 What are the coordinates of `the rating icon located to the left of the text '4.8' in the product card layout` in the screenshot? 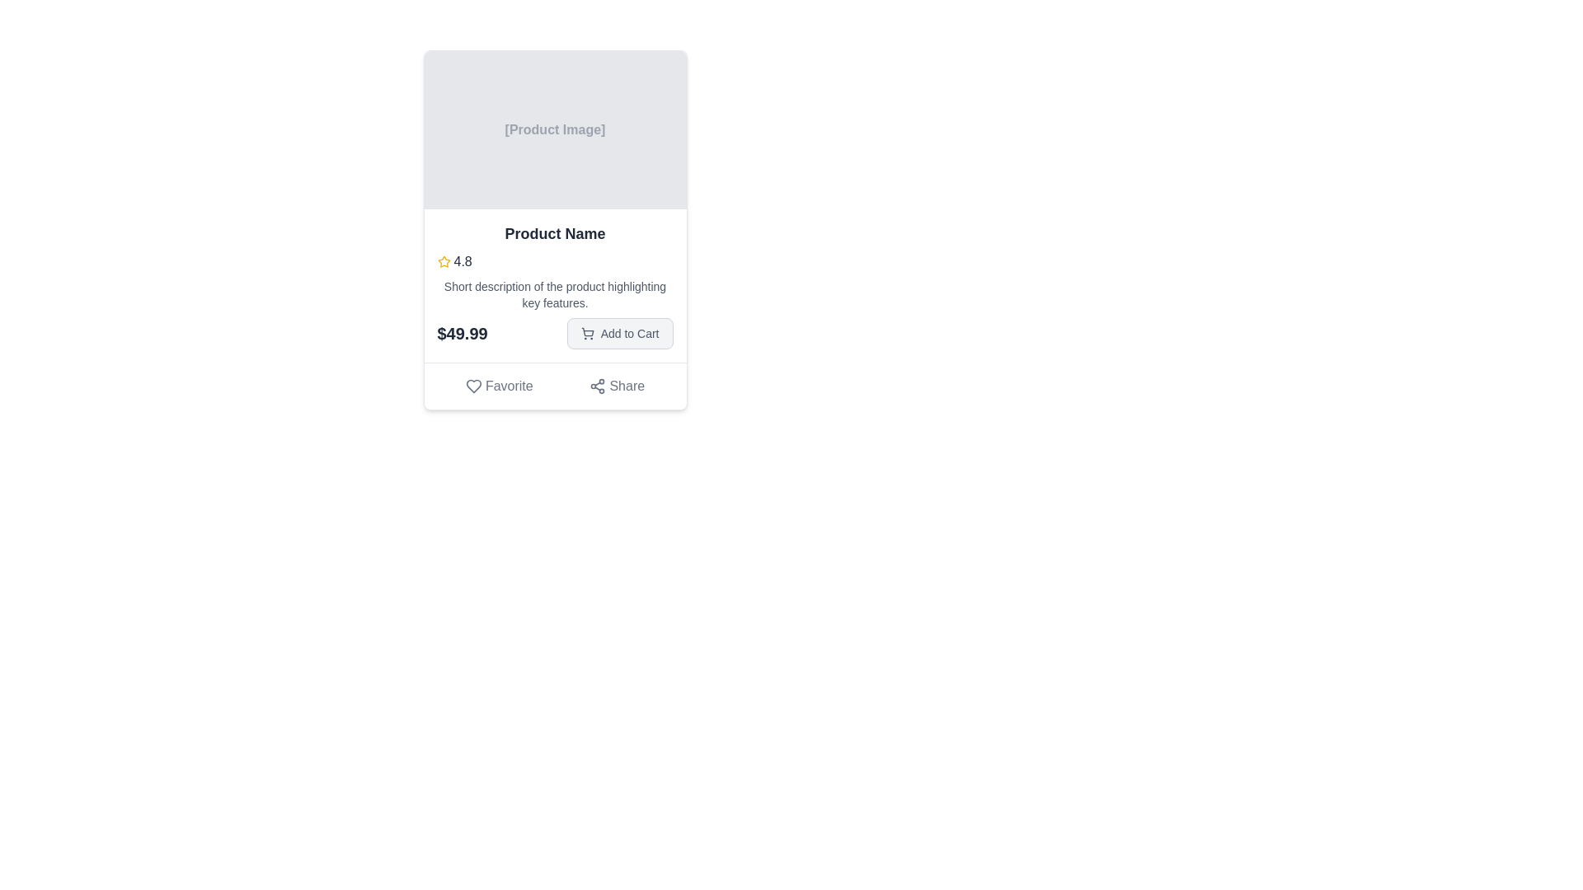 It's located at (444, 260).